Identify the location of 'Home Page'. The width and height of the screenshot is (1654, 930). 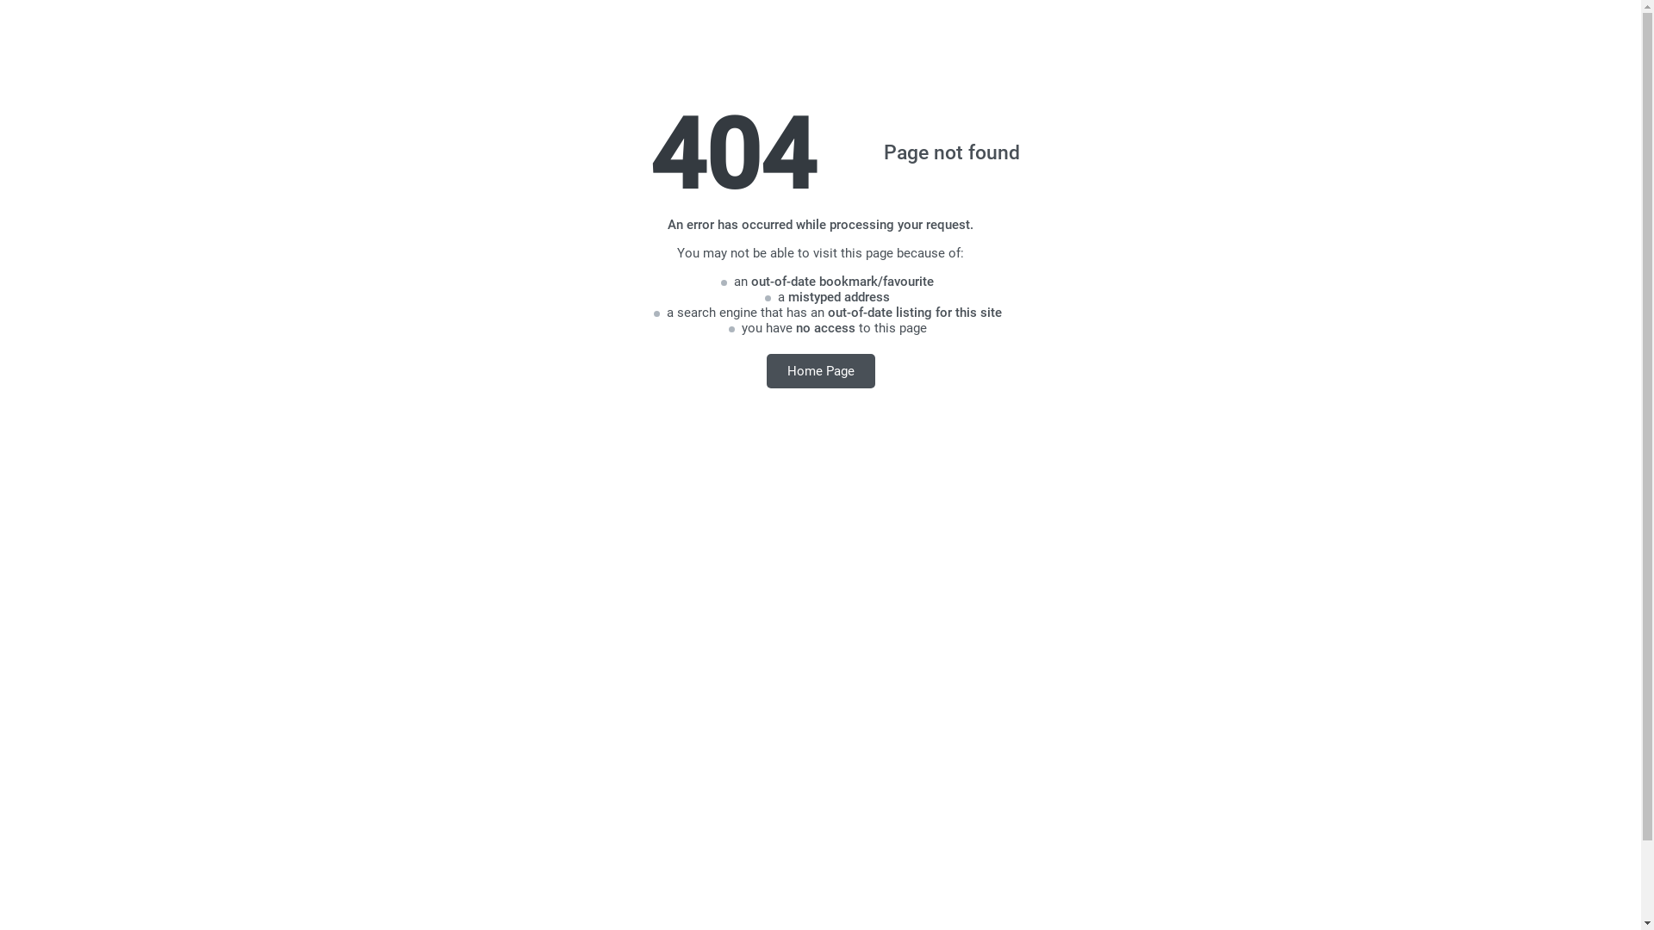
(820, 369).